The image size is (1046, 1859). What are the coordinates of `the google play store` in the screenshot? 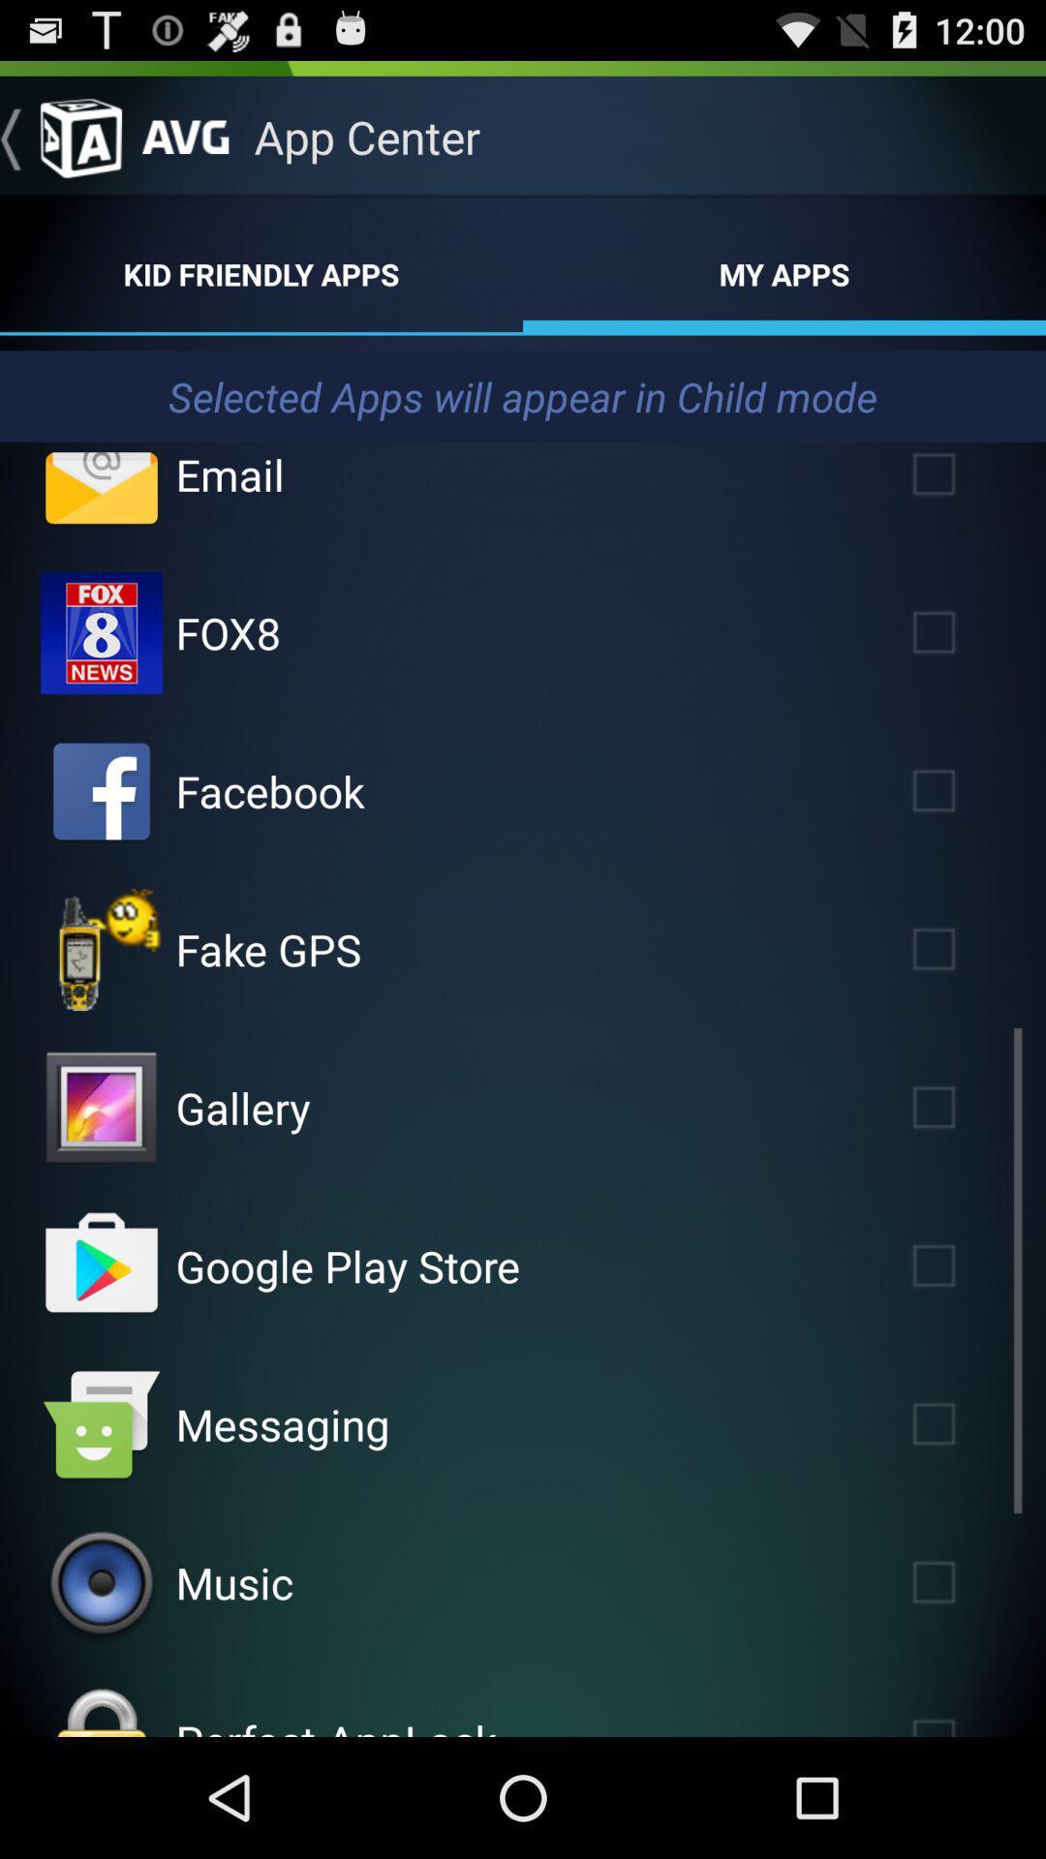 It's located at (347, 1265).